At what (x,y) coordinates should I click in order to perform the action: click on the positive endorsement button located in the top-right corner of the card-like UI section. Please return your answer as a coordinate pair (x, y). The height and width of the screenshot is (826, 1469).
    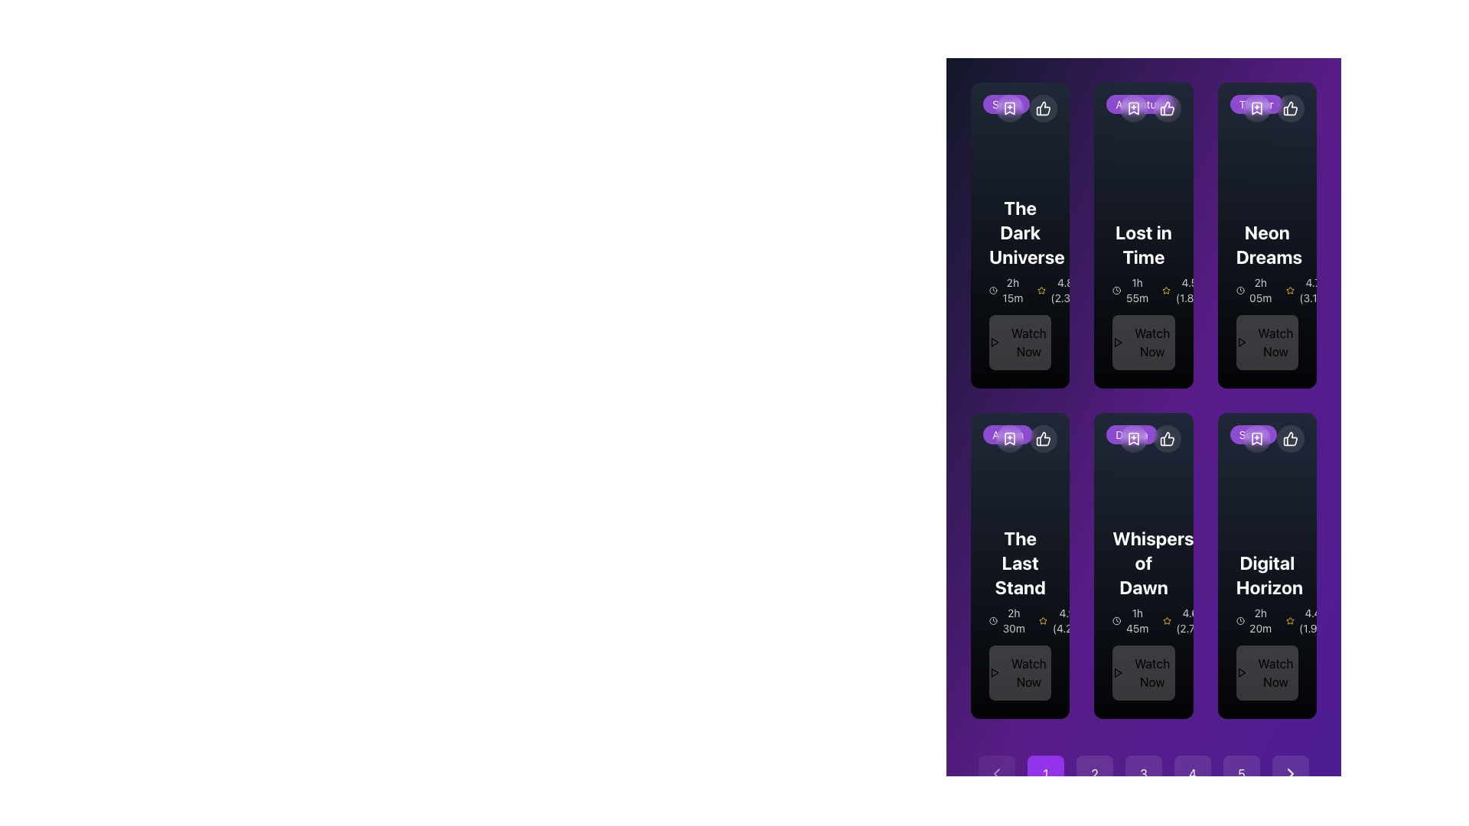
    Looking at the image, I should click on (1289, 439).